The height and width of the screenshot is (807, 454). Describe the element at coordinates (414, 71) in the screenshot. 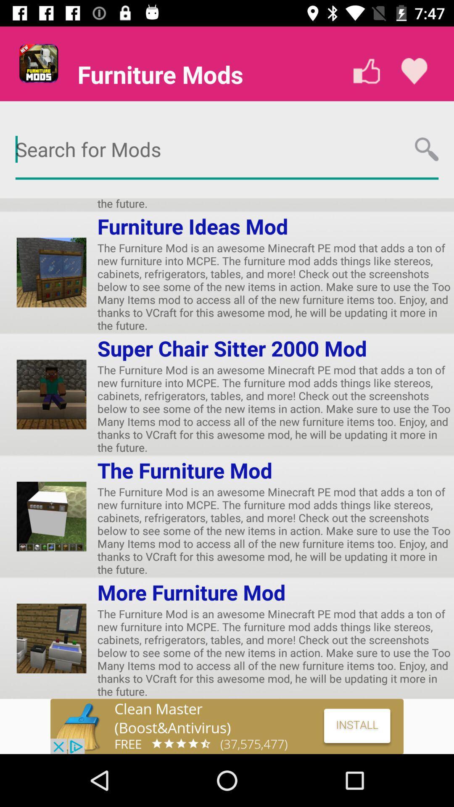

I see `heart this item` at that location.